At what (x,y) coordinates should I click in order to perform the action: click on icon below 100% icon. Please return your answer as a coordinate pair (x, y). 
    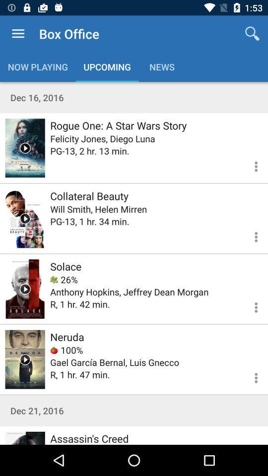
    Looking at the image, I should click on (114, 361).